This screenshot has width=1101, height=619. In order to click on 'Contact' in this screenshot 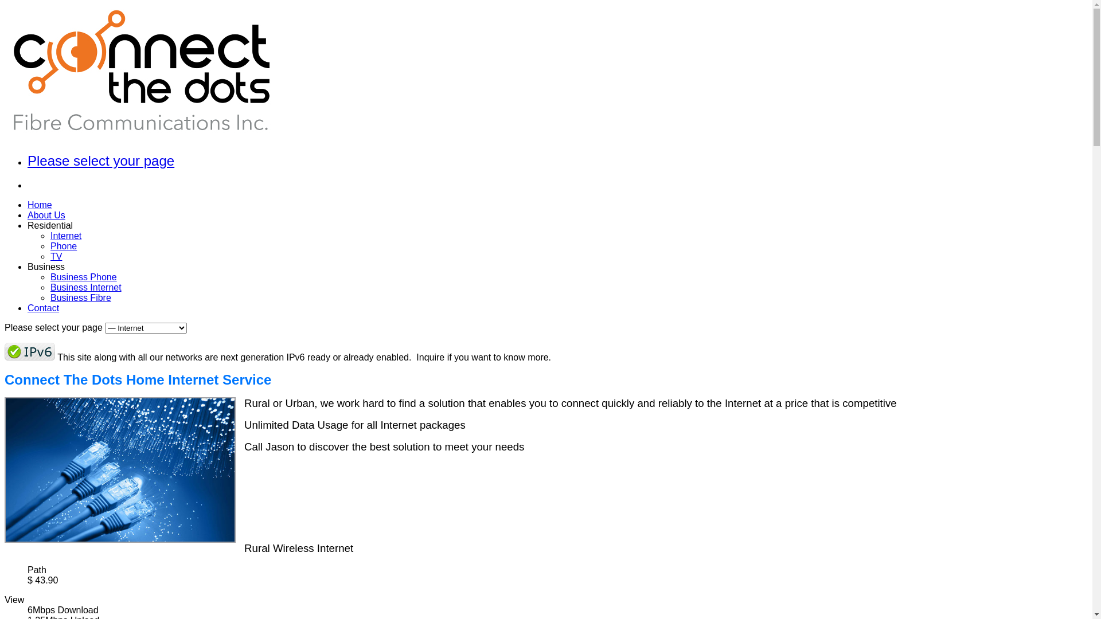, I will do `click(43, 307)`.